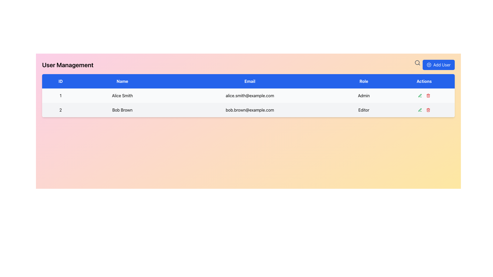  What do you see at coordinates (417, 63) in the screenshot?
I see `the magnifying glass icon button, which is styled in minimalistic line art design and located to the left of the 'Add User' button in the top-right corner of the interface` at bounding box center [417, 63].